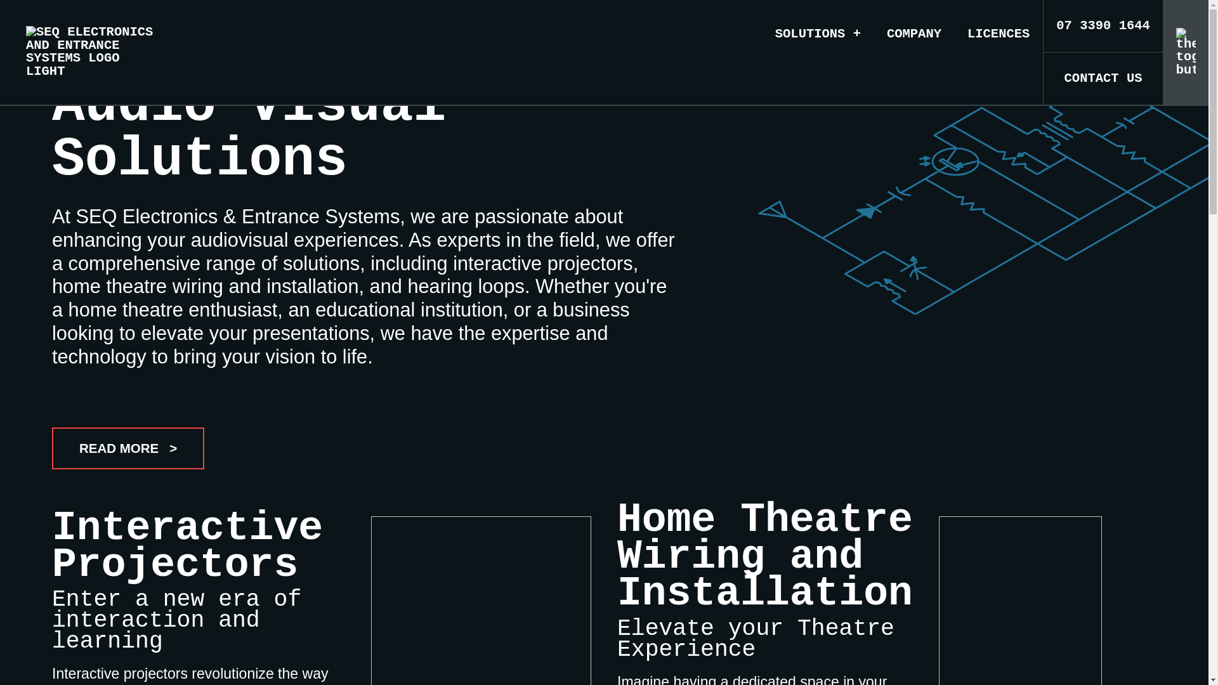 This screenshot has width=1218, height=685. What do you see at coordinates (953, 51) in the screenshot?
I see `'LICENCES'` at bounding box center [953, 51].